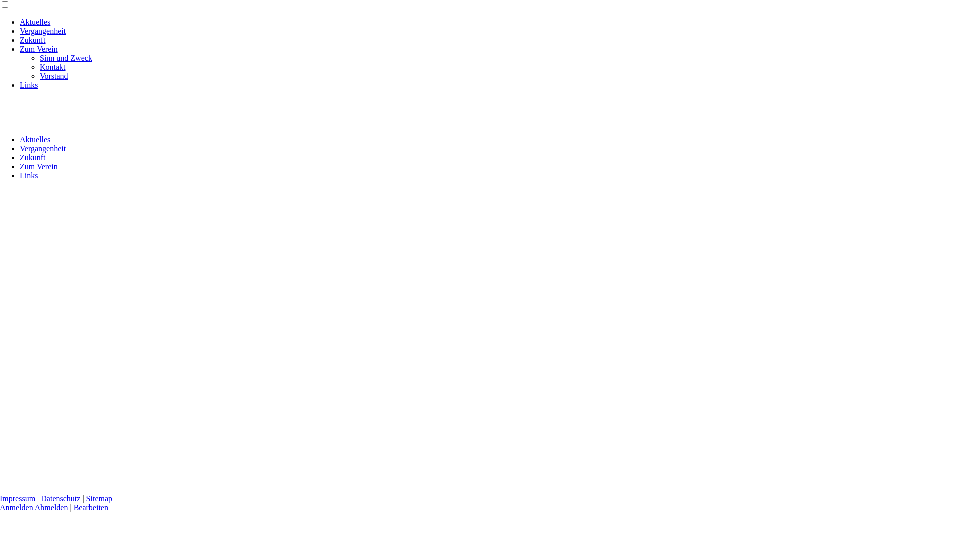  What do you see at coordinates (38, 49) in the screenshot?
I see `'Zum Verein'` at bounding box center [38, 49].